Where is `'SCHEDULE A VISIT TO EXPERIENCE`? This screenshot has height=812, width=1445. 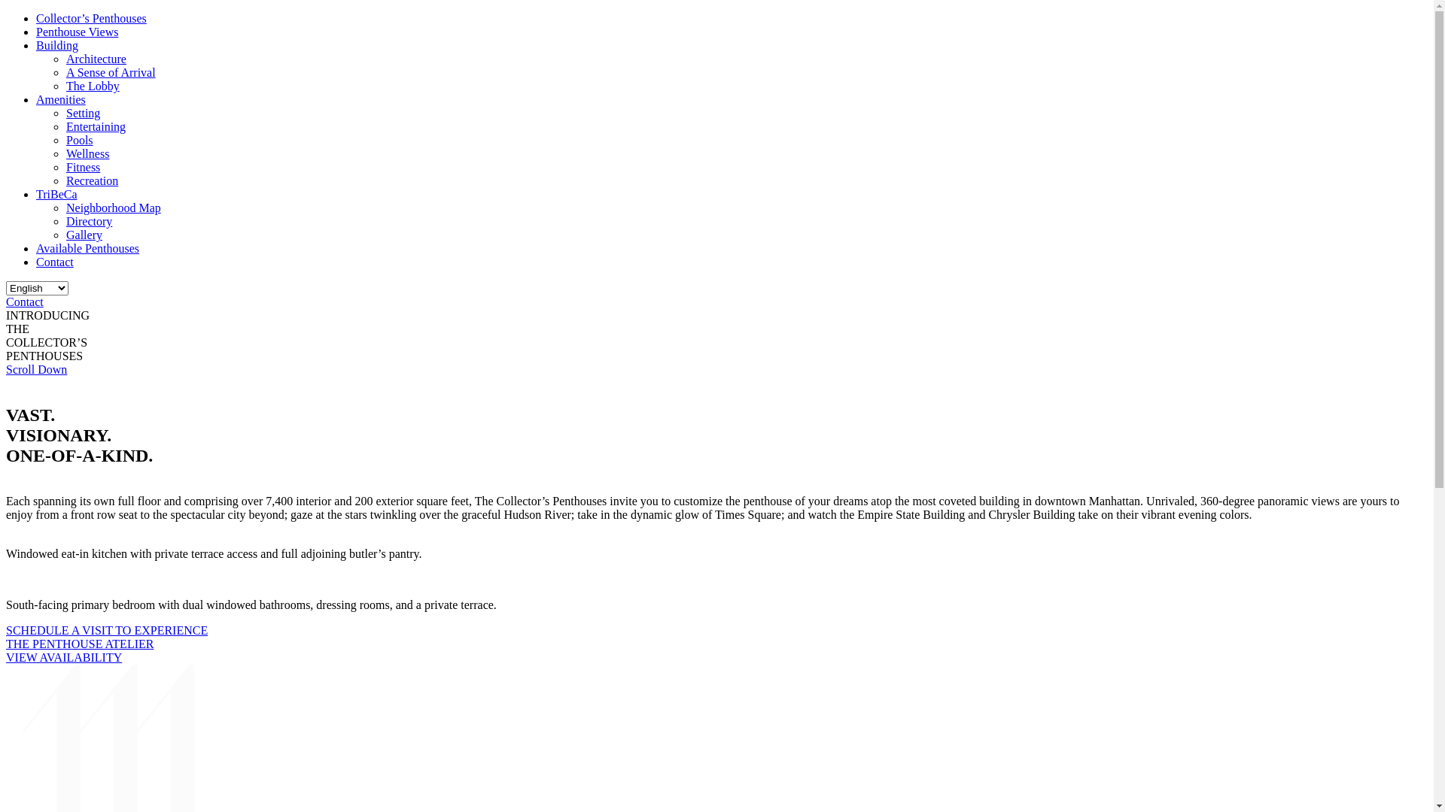
'SCHEDULE A VISIT TO EXPERIENCE is located at coordinates (106, 637).